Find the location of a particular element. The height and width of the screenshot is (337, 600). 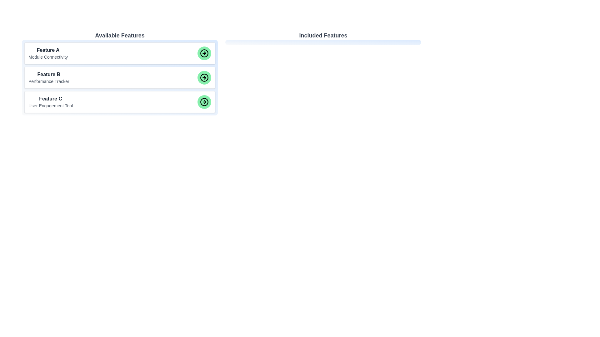

the item Feature B from the Available Features list to the Included Features list is located at coordinates (120, 77).